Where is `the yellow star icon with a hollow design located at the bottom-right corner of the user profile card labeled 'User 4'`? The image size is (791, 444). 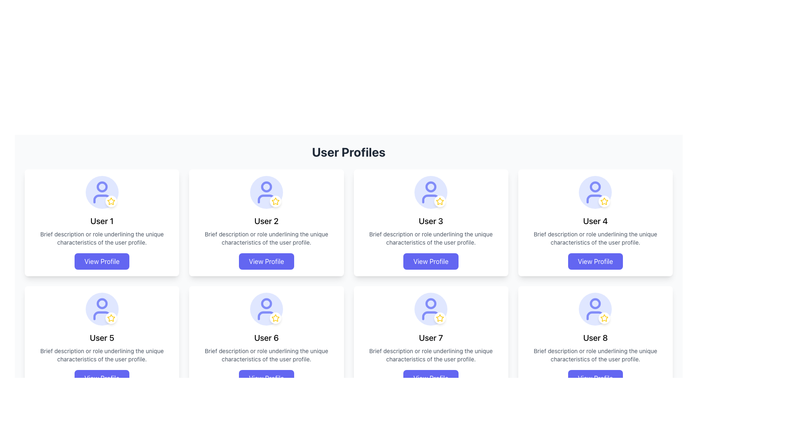
the yellow star icon with a hollow design located at the bottom-right corner of the user profile card labeled 'User 4' is located at coordinates (604, 201).